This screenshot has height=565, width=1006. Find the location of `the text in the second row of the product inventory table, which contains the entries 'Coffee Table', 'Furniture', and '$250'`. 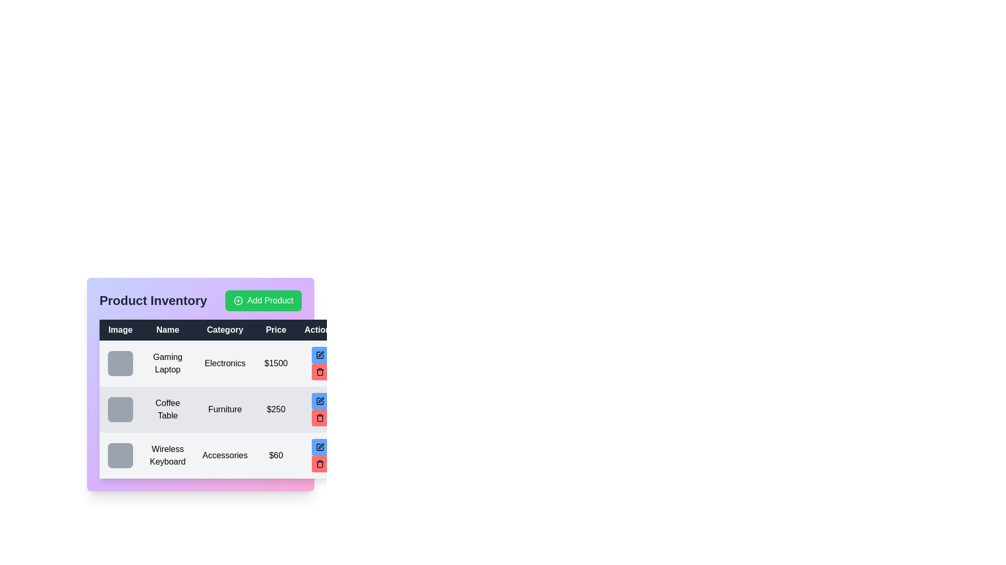

the text in the second row of the product inventory table, which contains the entries 'Coffee Table', 'Furniture', and '$250' is located at coordinates (221, 409).